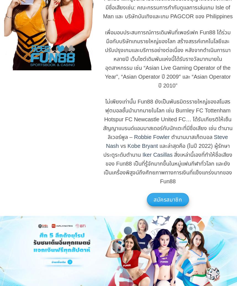 This screenshot has width=237, height=286. I want to click on 'Iker Casillas', so click(157, 154).